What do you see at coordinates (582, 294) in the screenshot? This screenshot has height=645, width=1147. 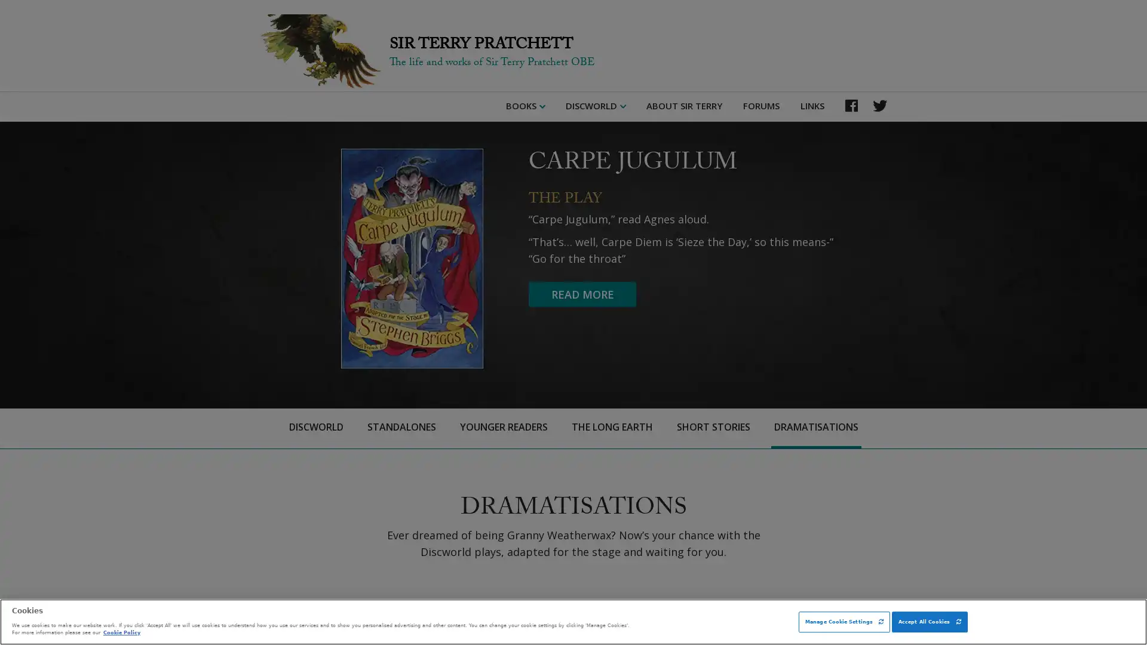 I see `READ MORE` at bounding box center [582, 294].